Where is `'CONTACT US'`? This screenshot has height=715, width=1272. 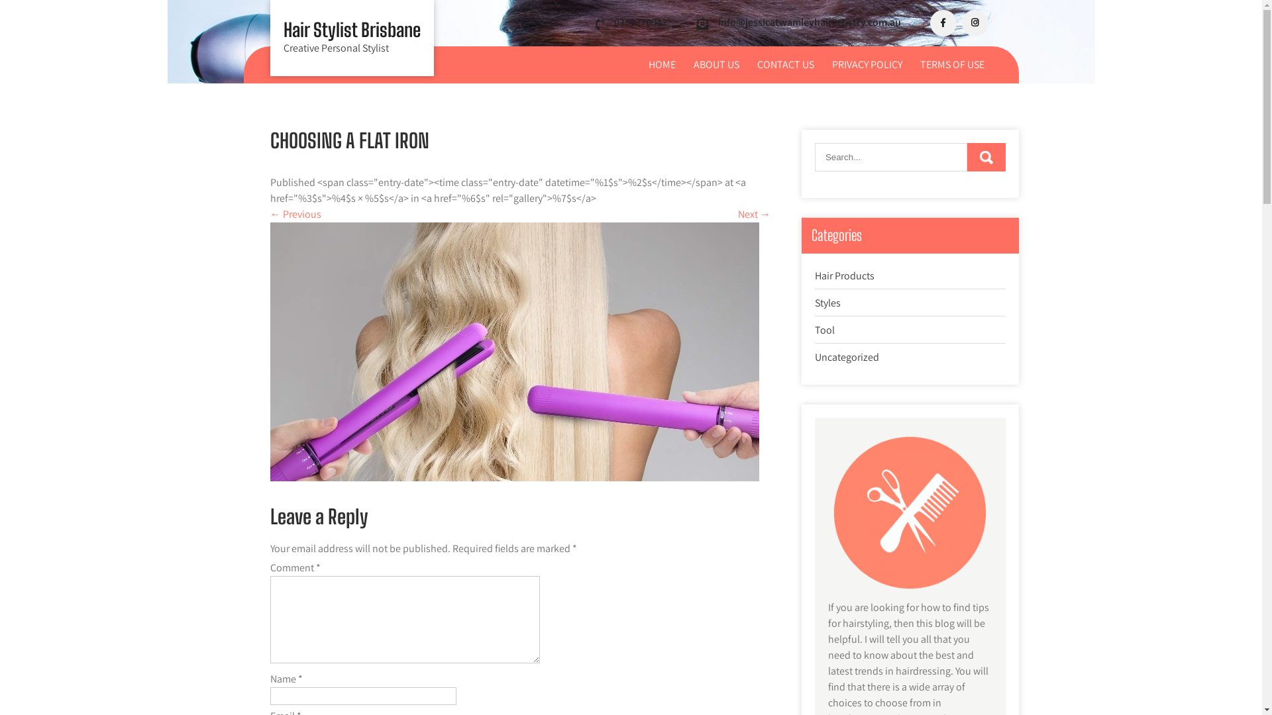 'CONTACT US' is located at coordinates (785, 64).